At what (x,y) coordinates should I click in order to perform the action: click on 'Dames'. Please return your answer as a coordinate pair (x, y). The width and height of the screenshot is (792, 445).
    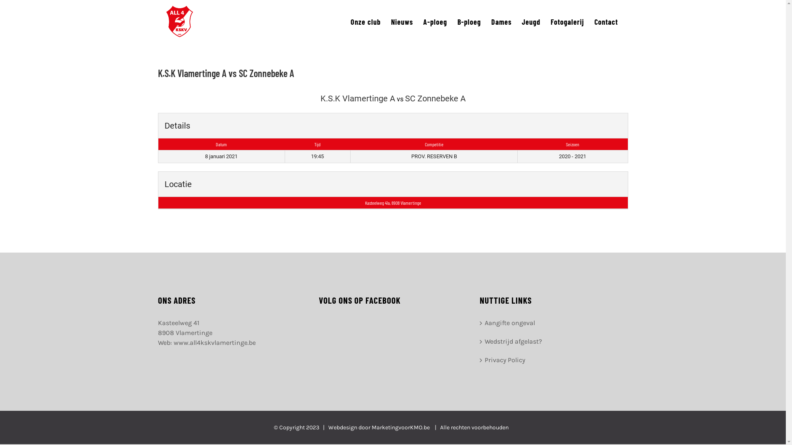
    Looking at the image, I should click on (500, 21).